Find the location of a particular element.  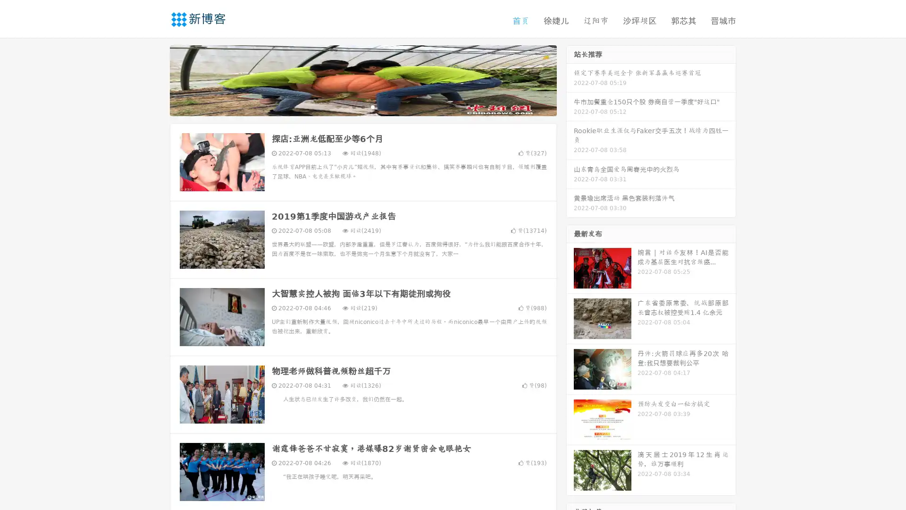

Next slide is located at coordinates (570, 79).